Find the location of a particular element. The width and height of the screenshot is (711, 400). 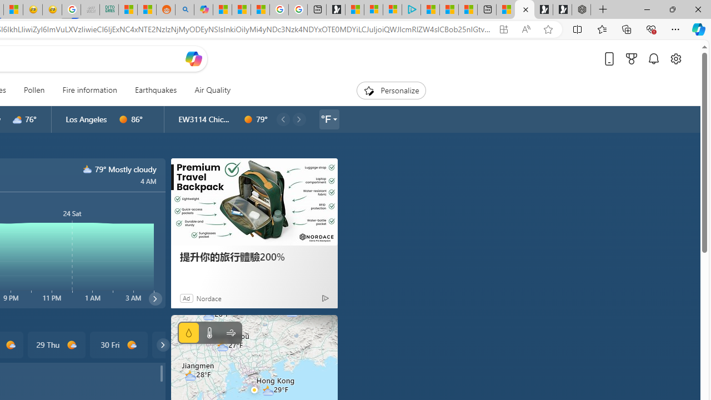

'30 Fri d1000' is located at coordinates (118, 344).